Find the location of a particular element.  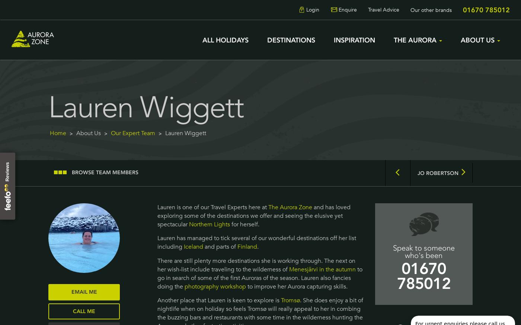

'The Aurora' is located at coordinates (416, 40).